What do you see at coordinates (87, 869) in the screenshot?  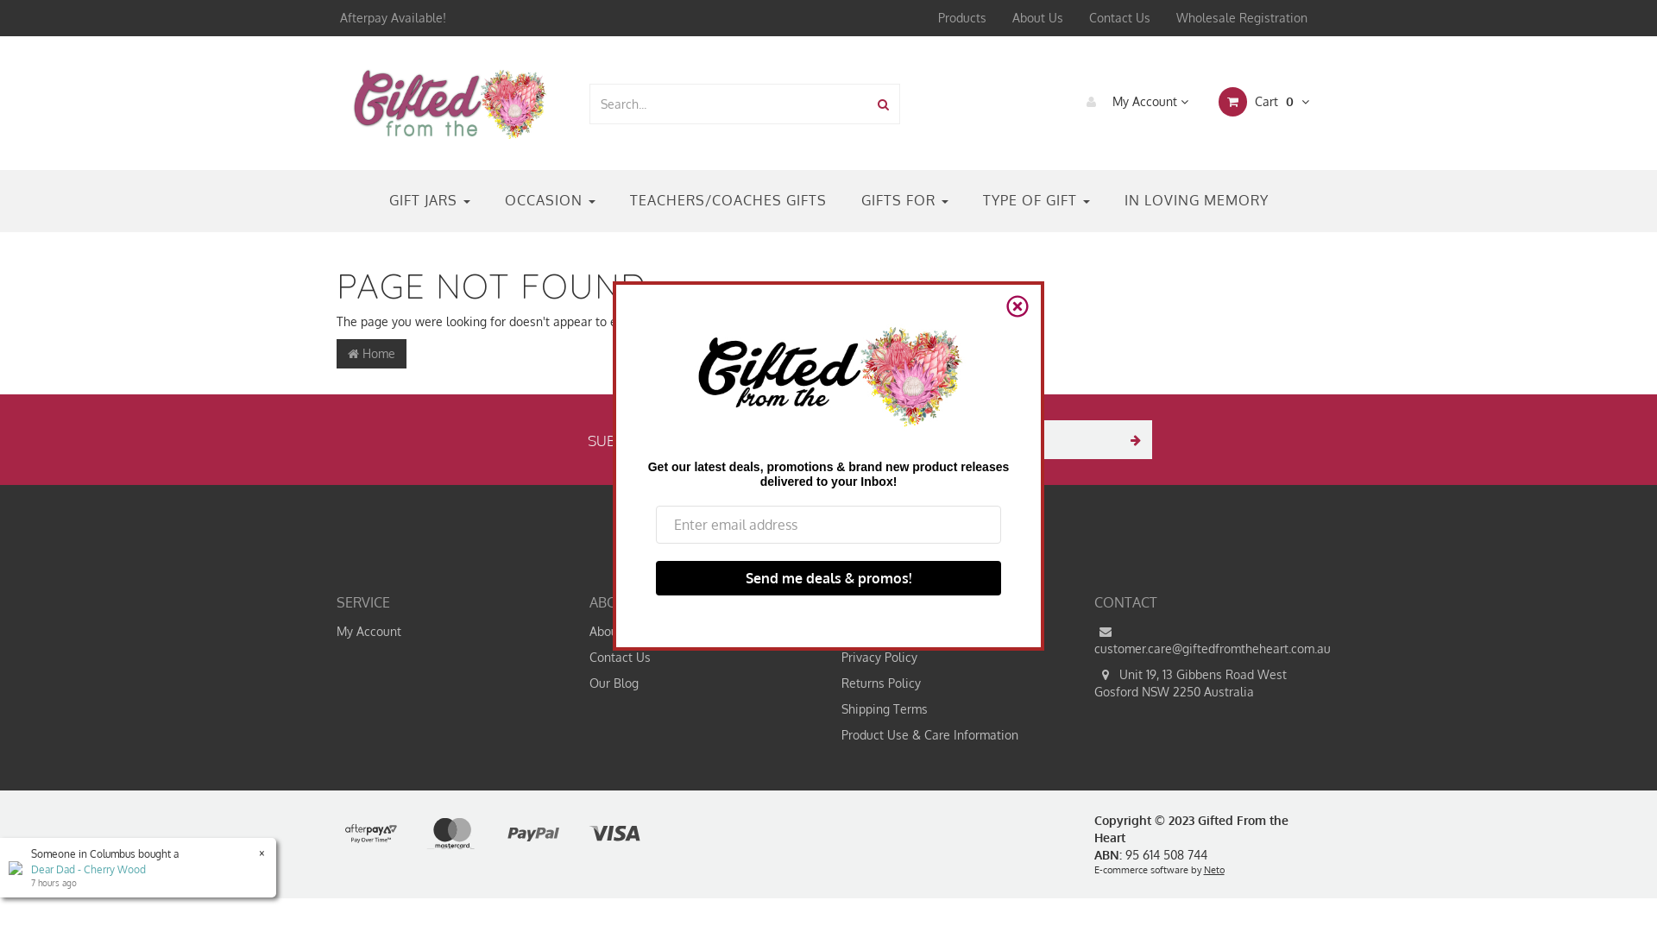 I see `'Dear Dad - Cherry Wood'` at bounding box center [87, 869].